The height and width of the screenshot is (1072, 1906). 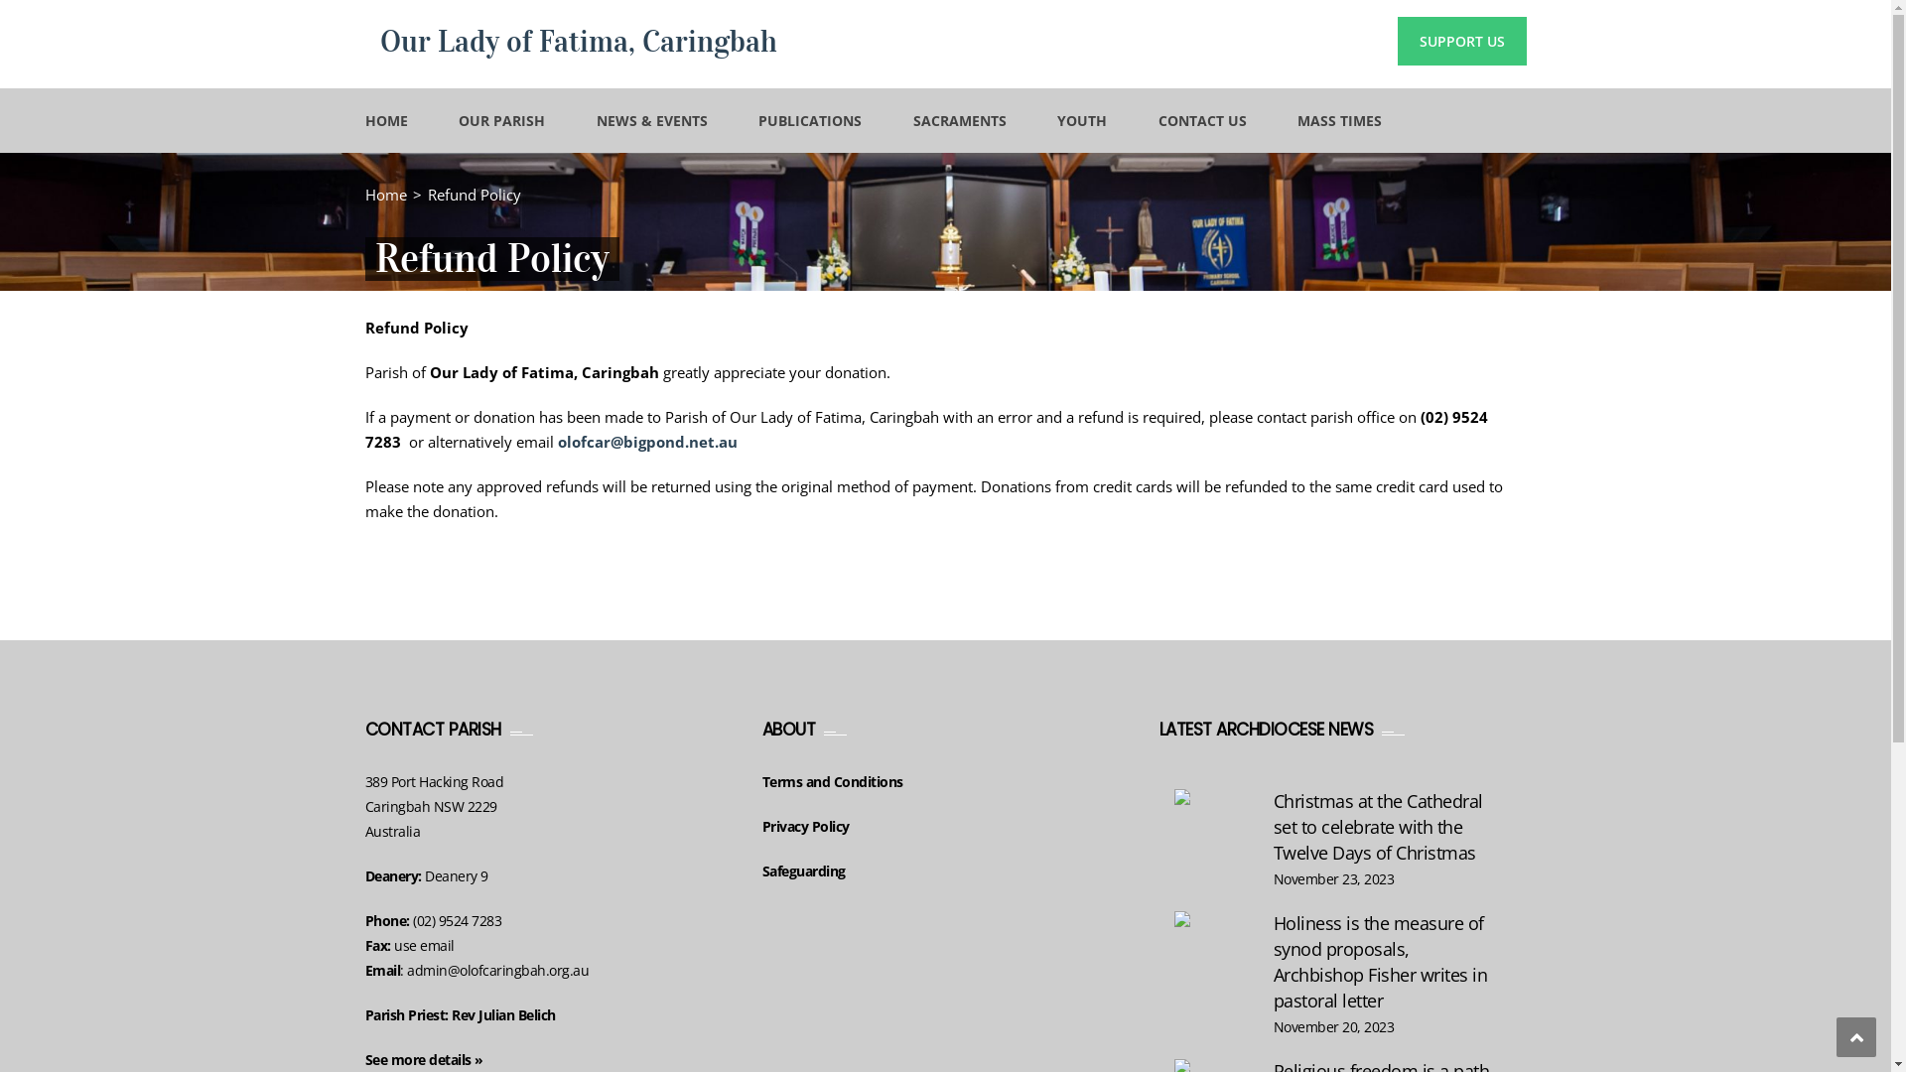 I want to click on 'SACRAMENTS', so click(x=912, y=120).